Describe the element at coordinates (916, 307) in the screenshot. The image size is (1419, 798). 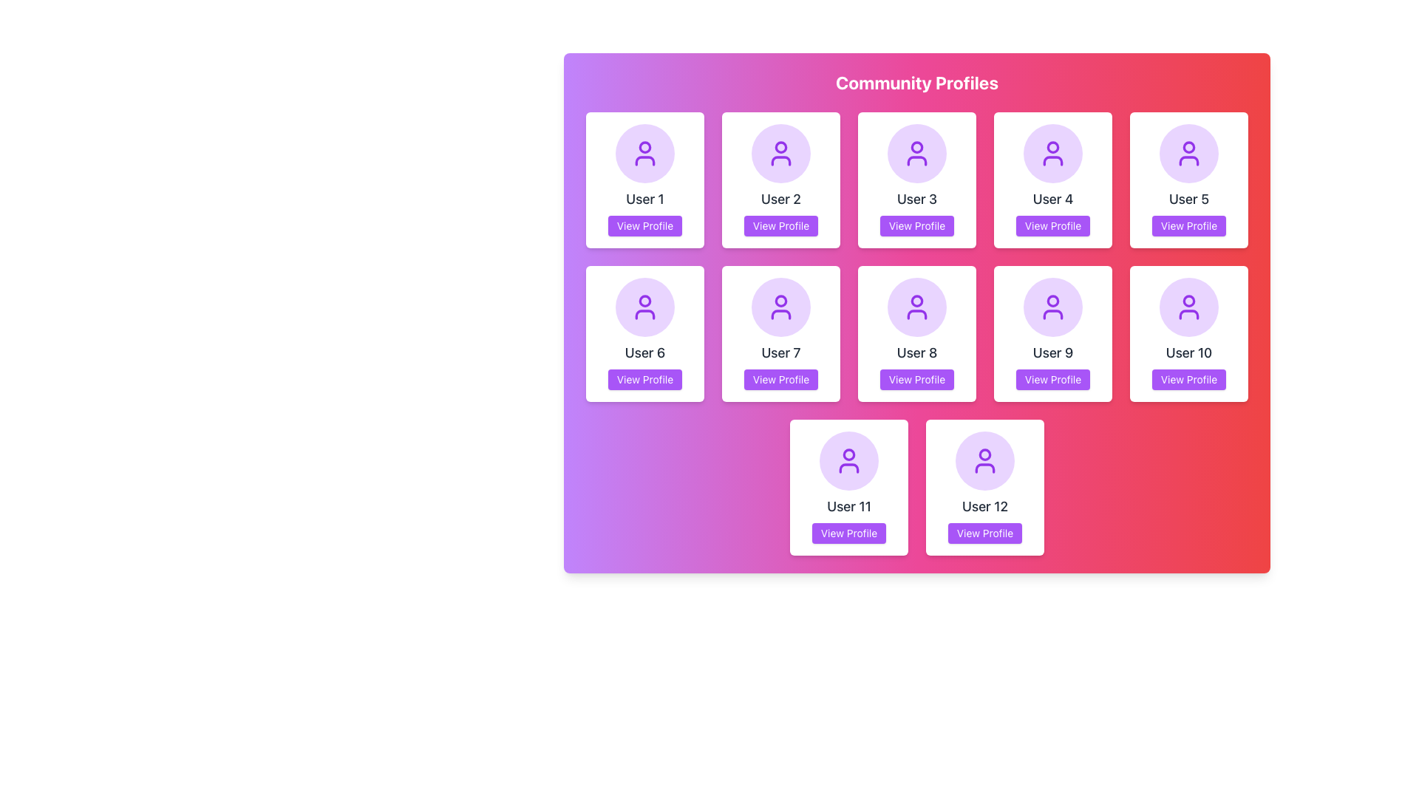
I see `the user icon in the 'User 8' profile card, located in the third row and second column of the grid layout` at that location.